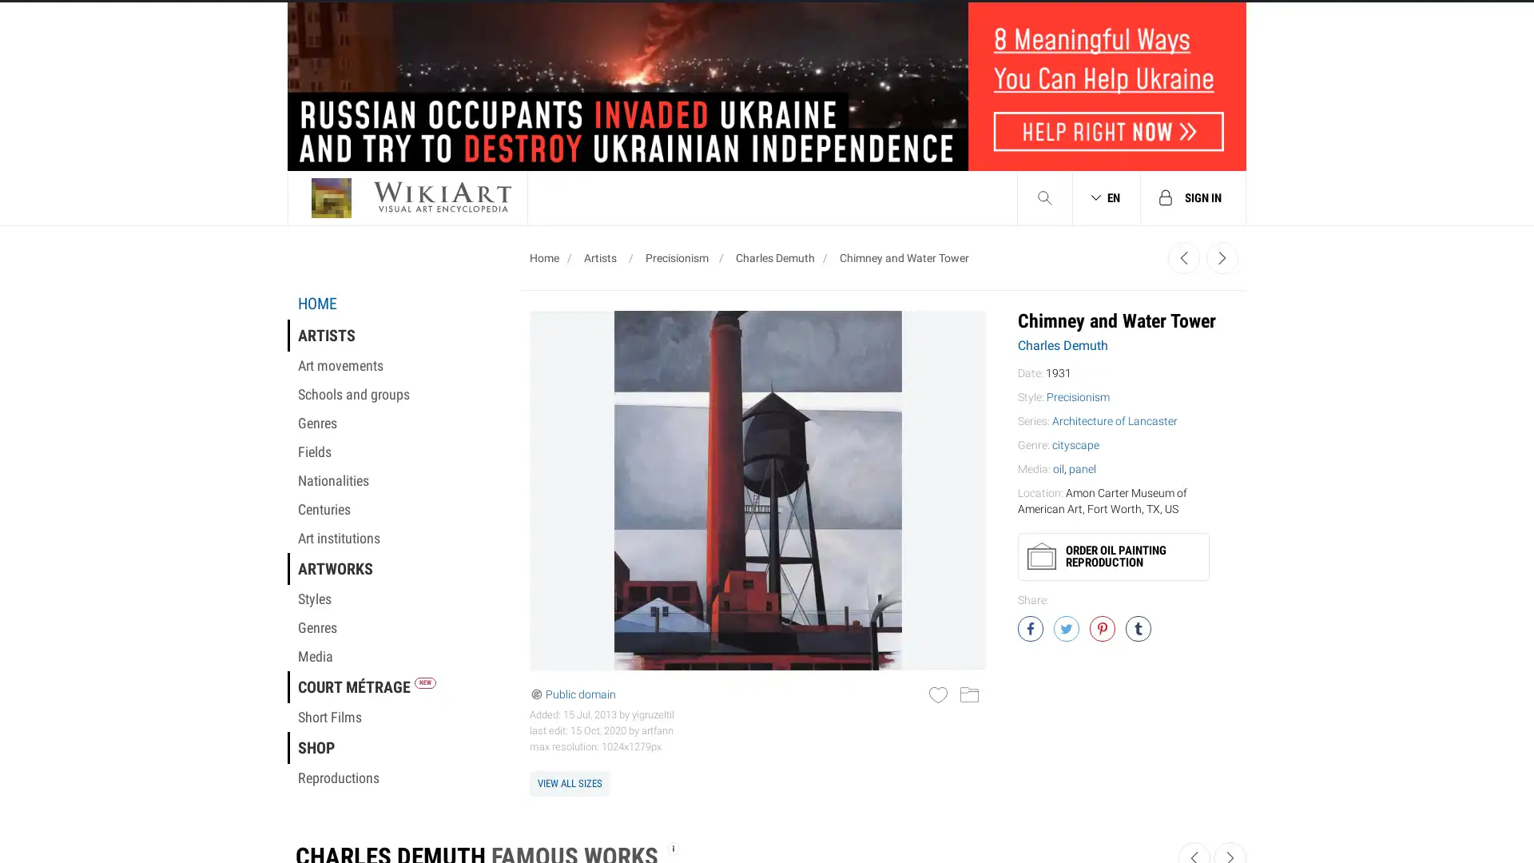  Describe the element at coordinates (606, 382) in the screenshot. I see `Yes, I want to hook this coupon!` at that location.